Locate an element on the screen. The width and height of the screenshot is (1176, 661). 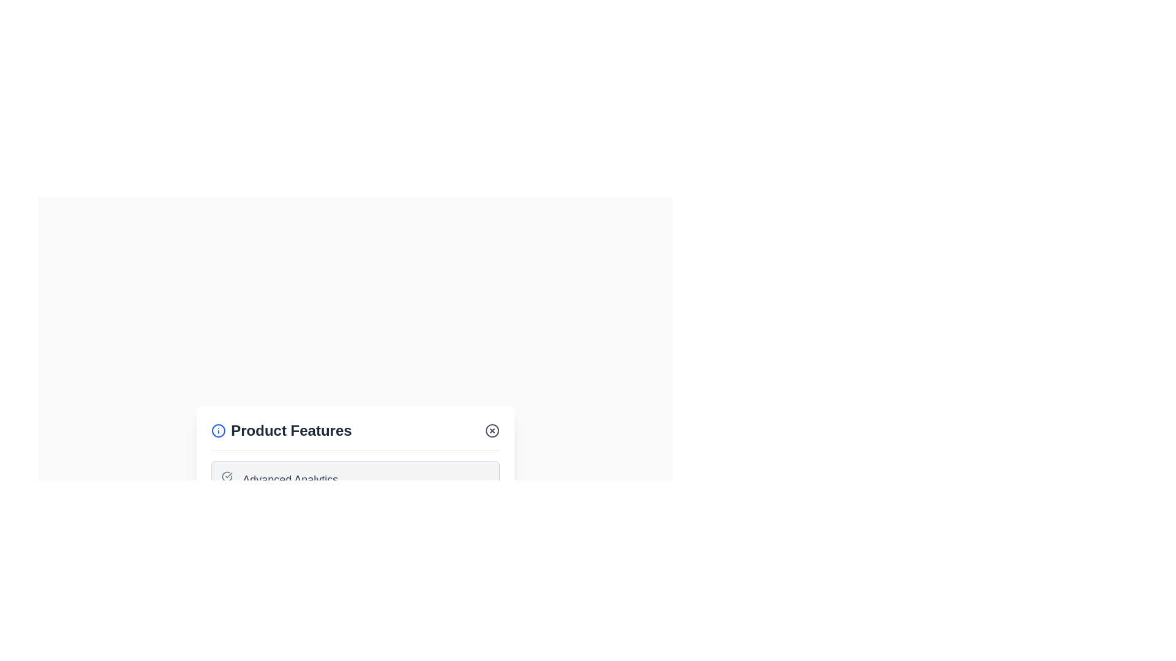
the button located at the top-right corner of the 'Product Features' section header is located at coordinates (492, 430).